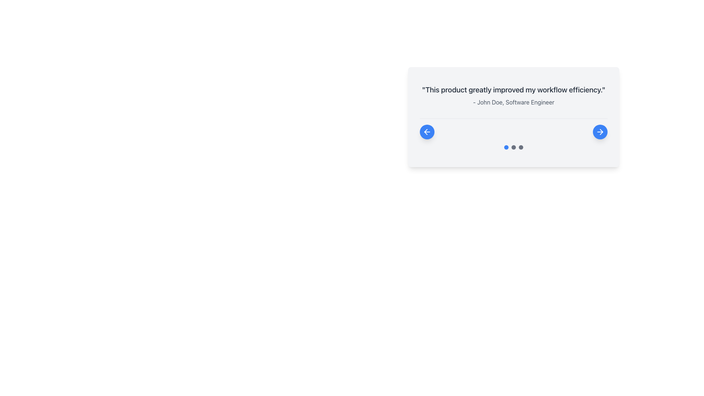  Describe the element at coordinates (513, 147) in the screenshot. I see `the carousel indicator circles located centrally below the author's details` at that location.